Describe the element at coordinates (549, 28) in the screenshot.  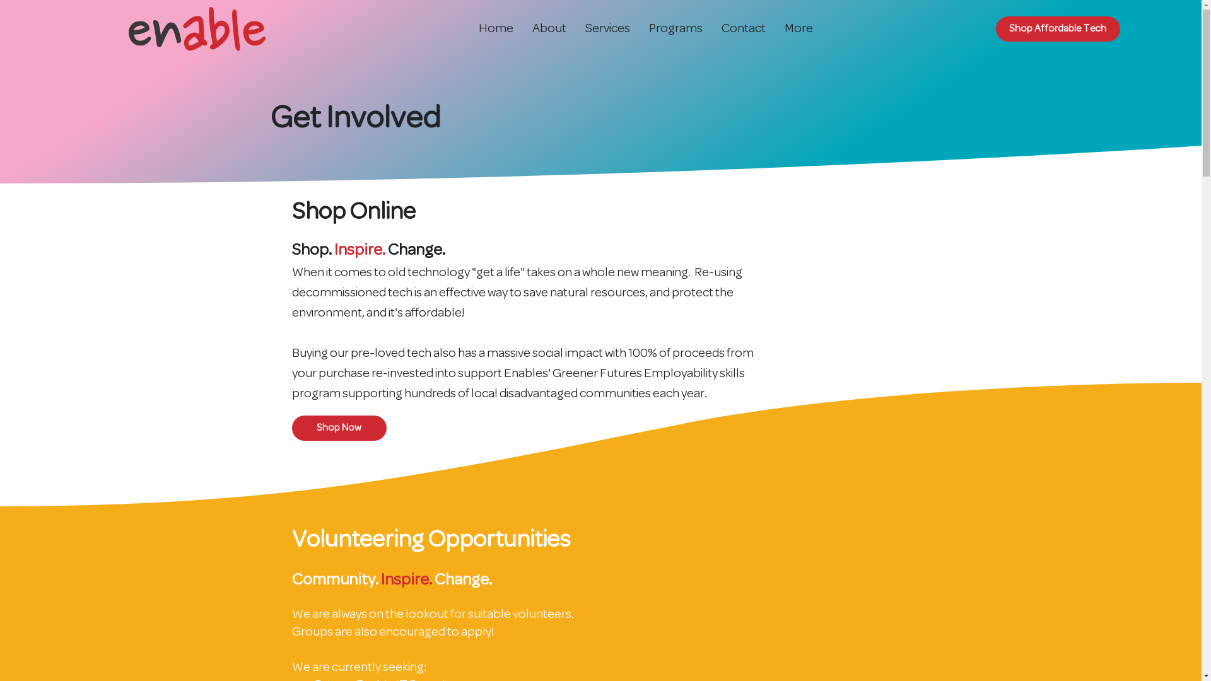
I see `'About'` at that location.